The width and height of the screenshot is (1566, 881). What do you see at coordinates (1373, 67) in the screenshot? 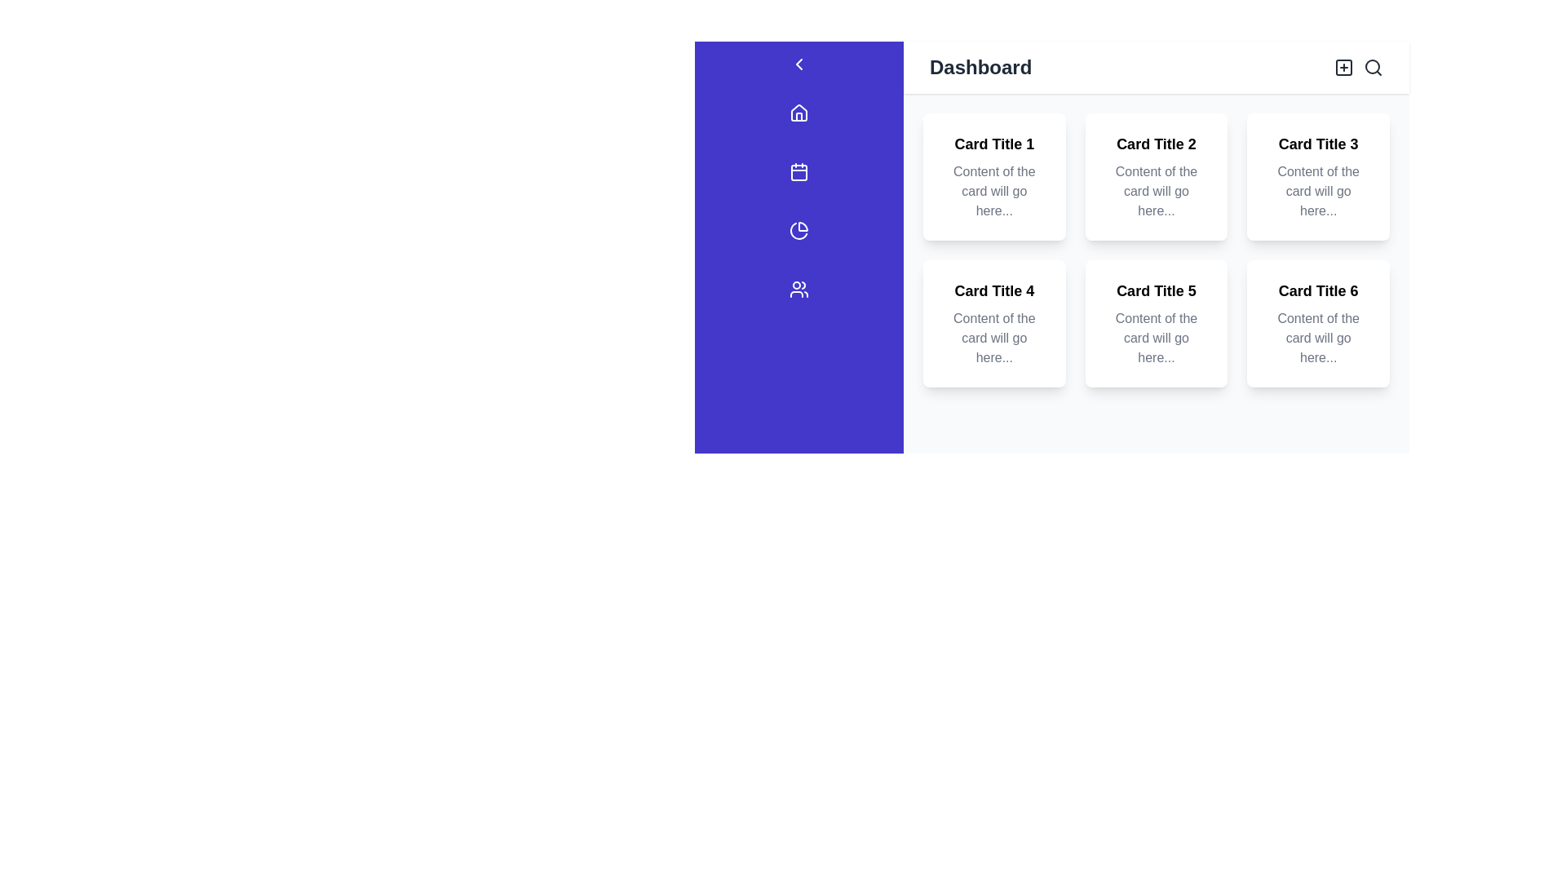
I see `the interactive magnifying glass icon in the top-right corner of the interface to initiate a search` at bounding box center [1373, 67].